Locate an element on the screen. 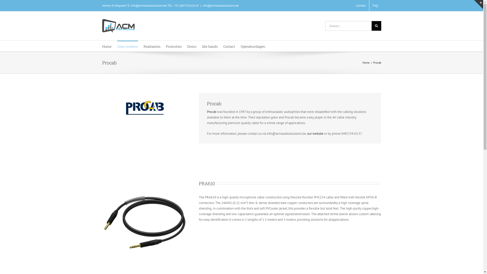 This screenshot has width=487, height=274. 'info@acmaudiosolutions.be' is located at coordinates (220, 5).